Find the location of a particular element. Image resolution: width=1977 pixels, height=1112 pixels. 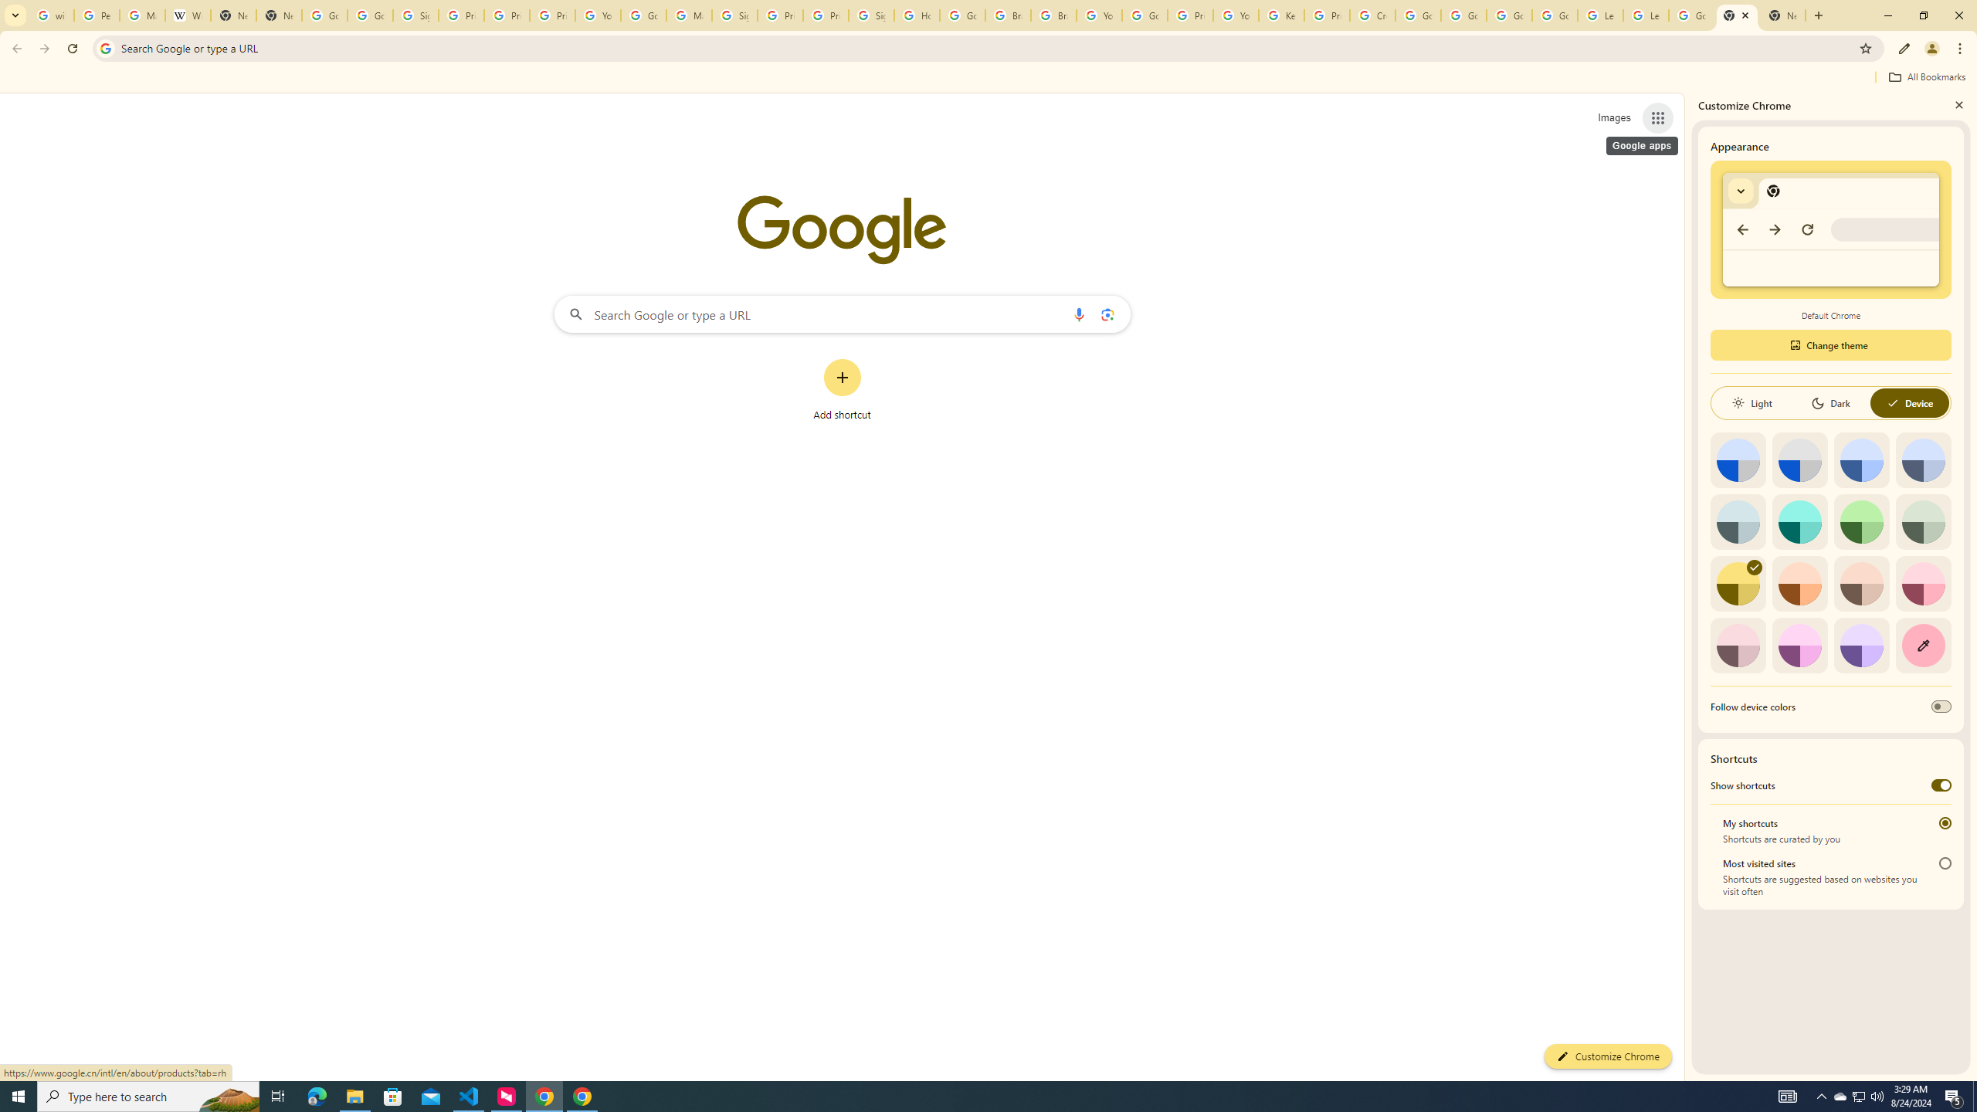

'Aqua' is located at coordinates (1799, 520).